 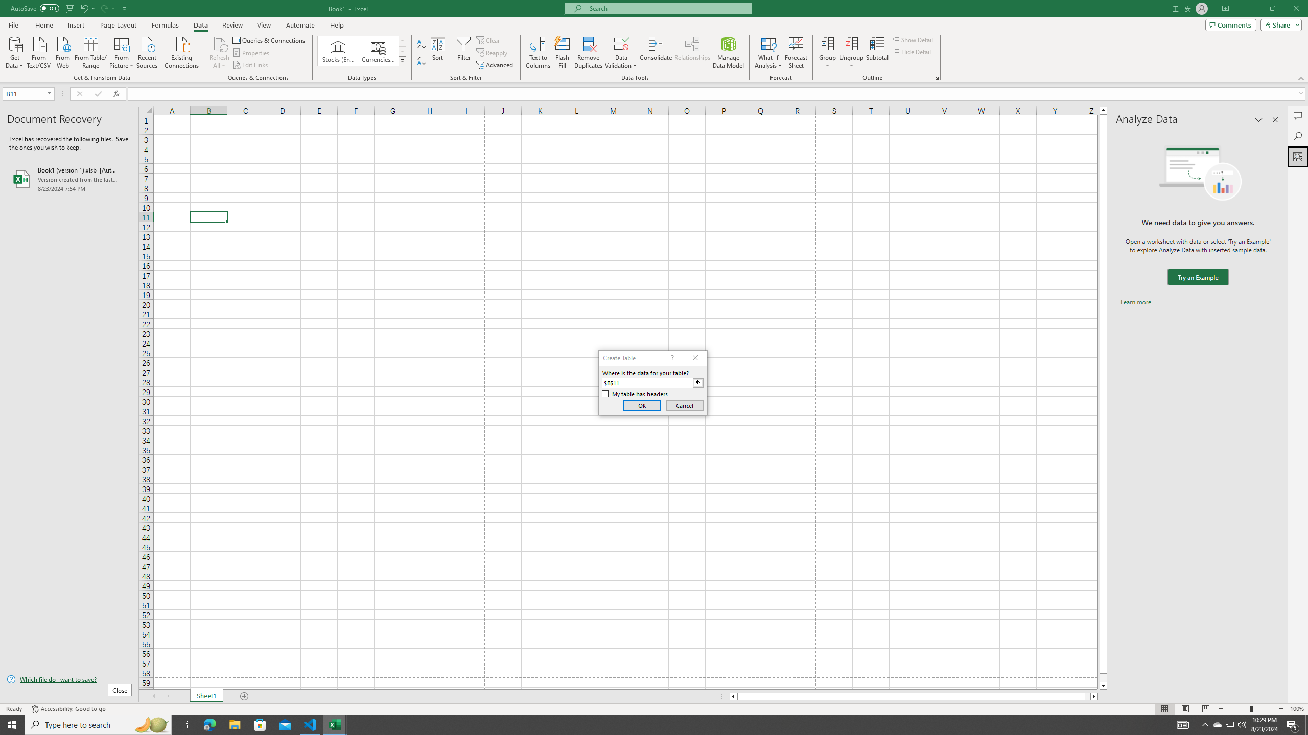 What do you see at coordinates (656, 53) in the screenshot?
I see `'Consolidate...'` at bounding box center [656, 53].